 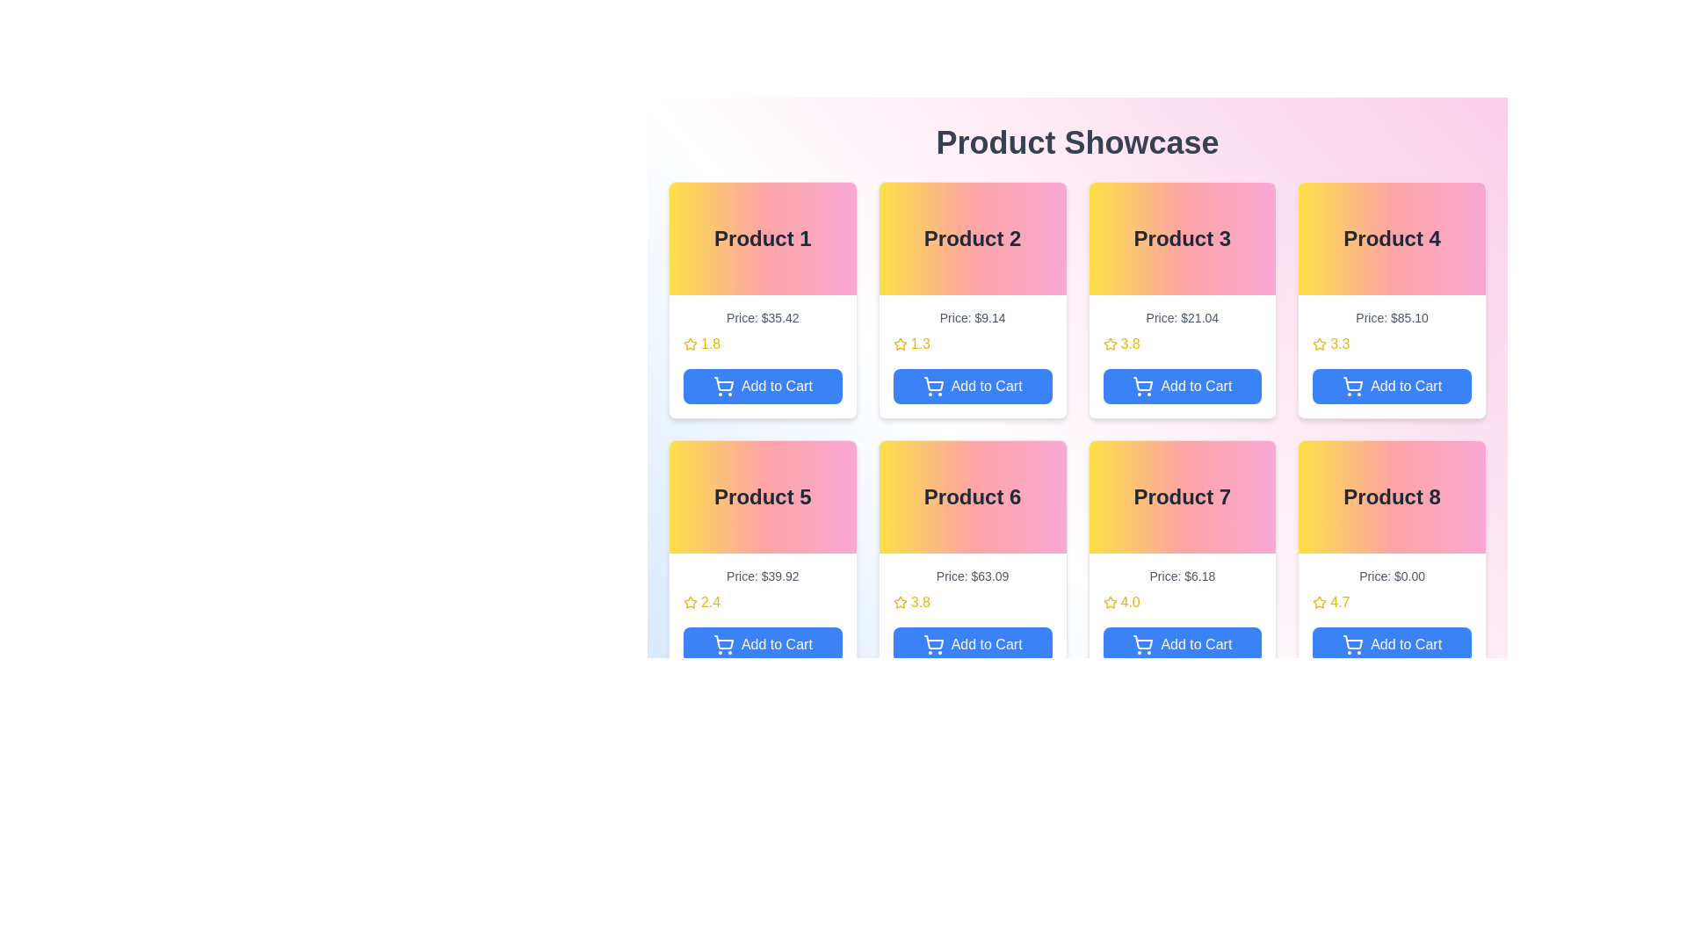 I want to click on the blue rectangular 'Add to Cart' button with a shopping cart icon, so click(x=763, y=644).